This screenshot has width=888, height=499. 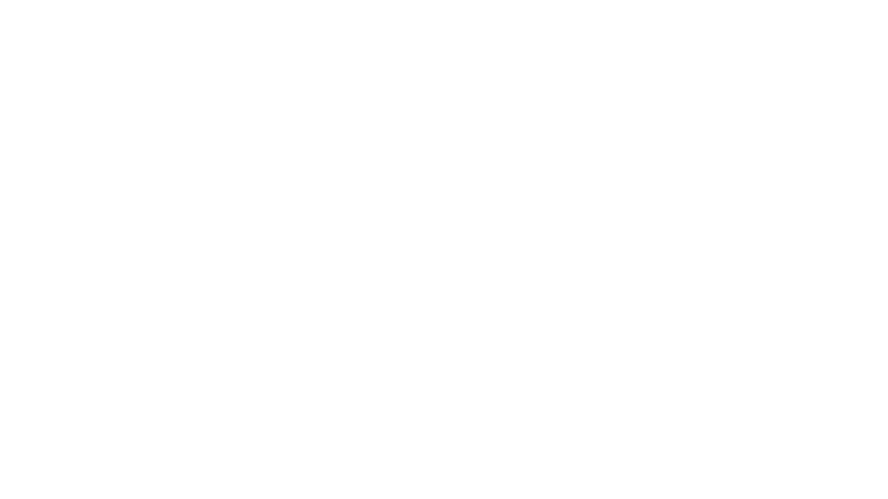 I want to click on Show previous month, so click(x=490, y=101).